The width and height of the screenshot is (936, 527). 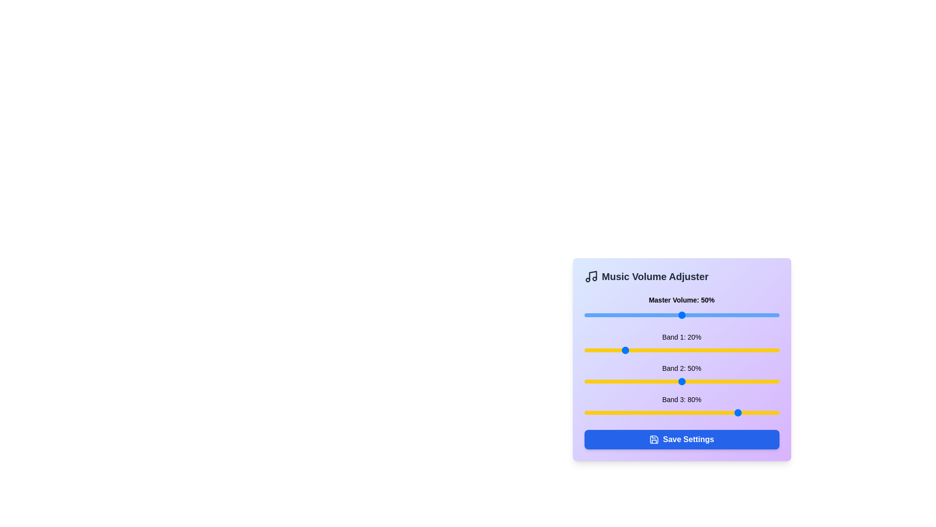 I want to click on Band 3 slider, so click(x=584, y=412).